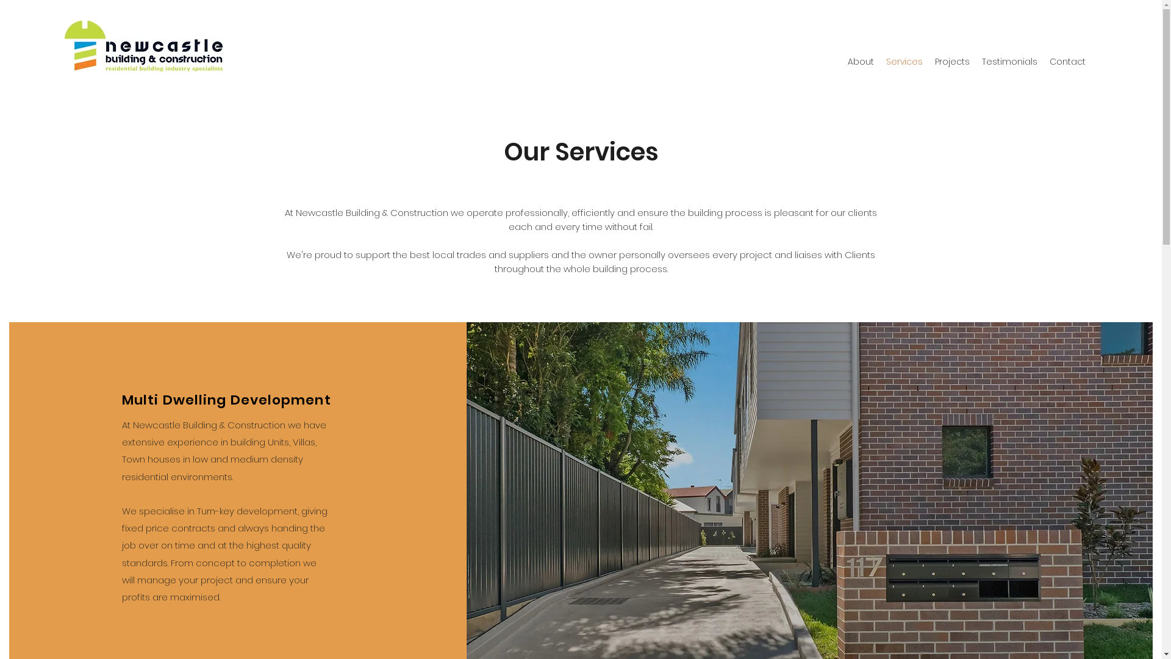 The width and height of the screenshot is (1171, 659). I want to click on 'About', so click(860, 62).